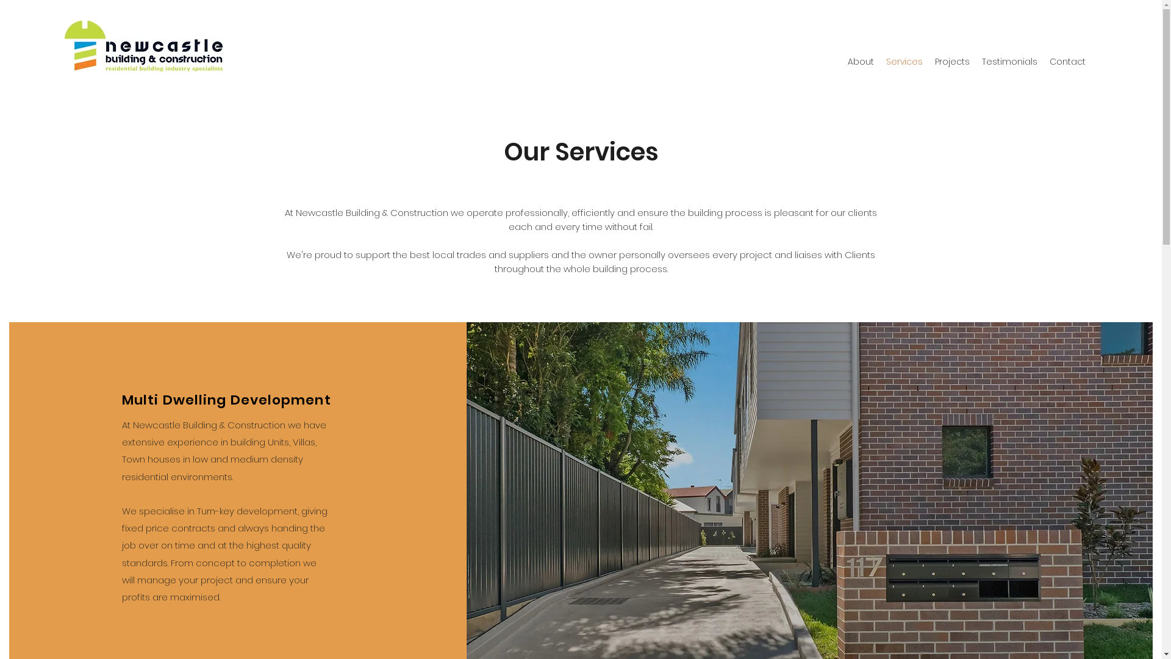 The width and height of the screenshot is (1171, 659). I want to click on 'About', so click(860, 62).